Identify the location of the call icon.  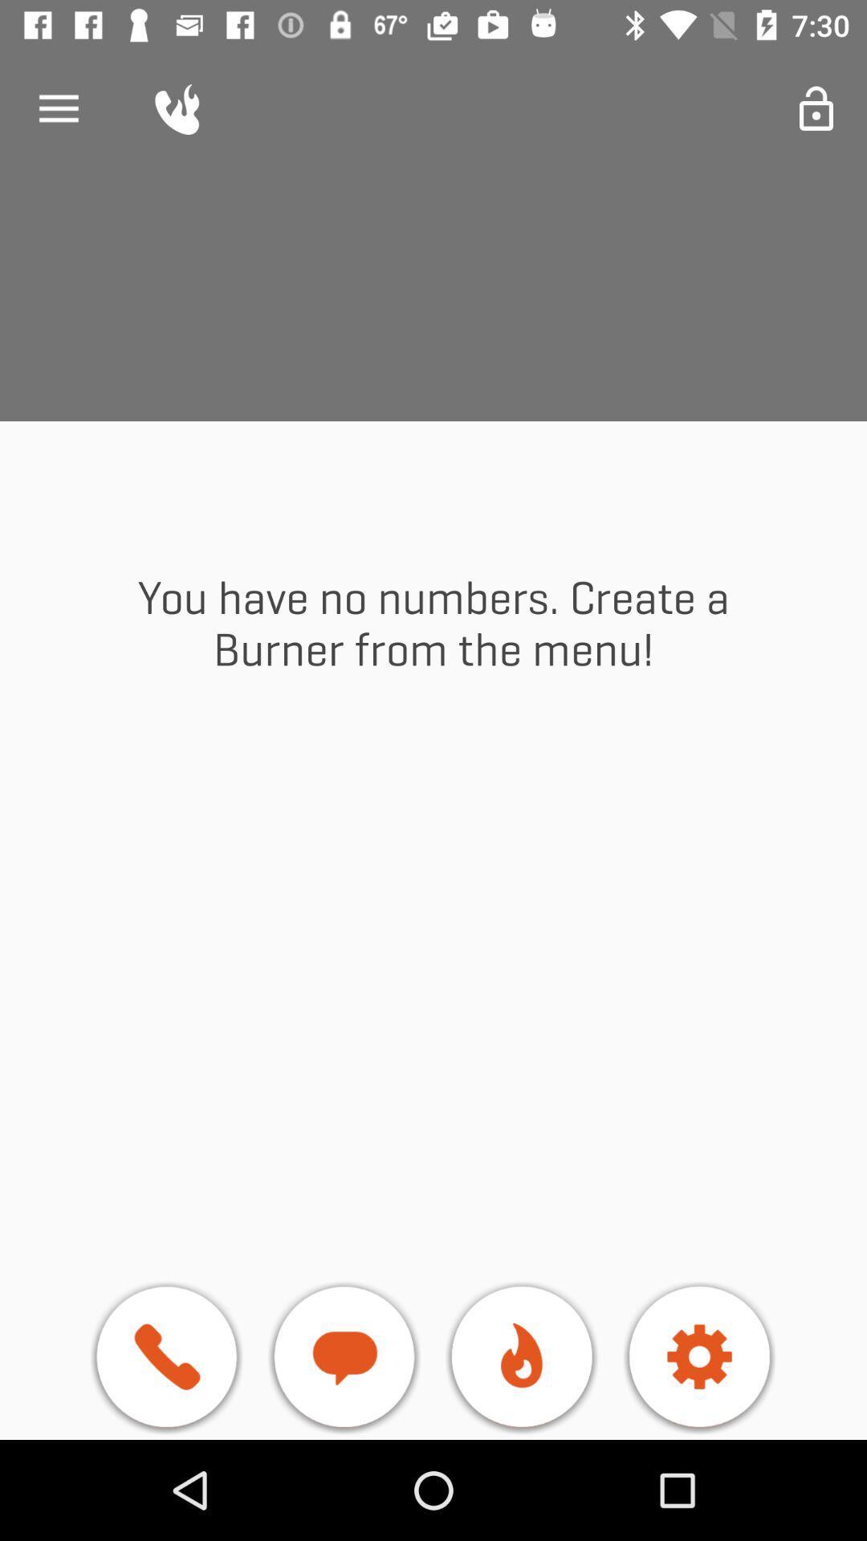
(166, 1359).